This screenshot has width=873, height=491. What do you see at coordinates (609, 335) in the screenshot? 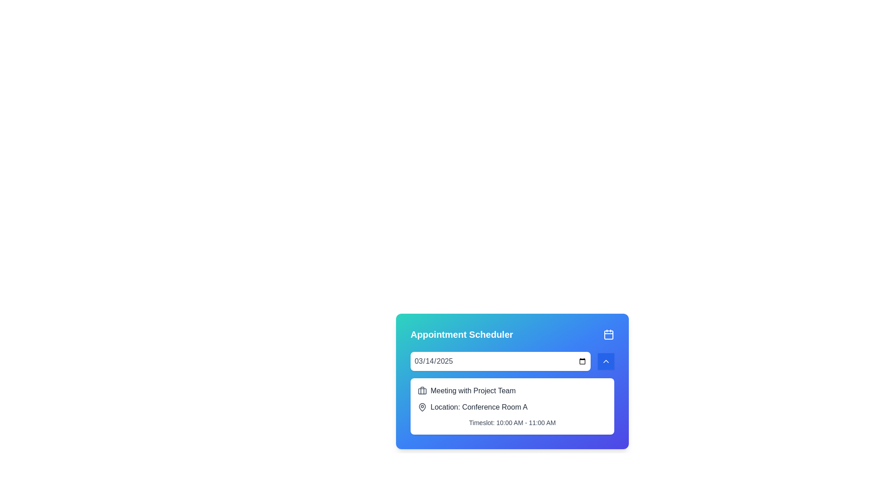
I see `the central area of the calendar representation within the calendar icon in the top-right corner of the Appointment Scheduler interface` at bounding box center [609, 335].